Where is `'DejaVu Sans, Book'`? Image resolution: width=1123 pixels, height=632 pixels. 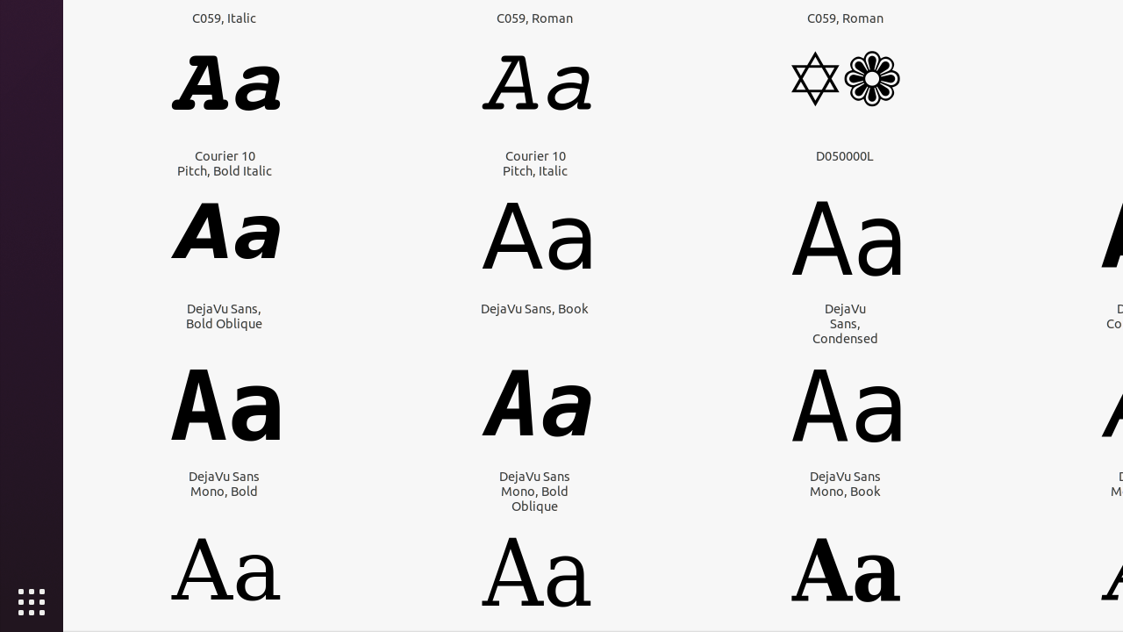
'DejaVu Sans, Book' is located at coordinates (533, 307).